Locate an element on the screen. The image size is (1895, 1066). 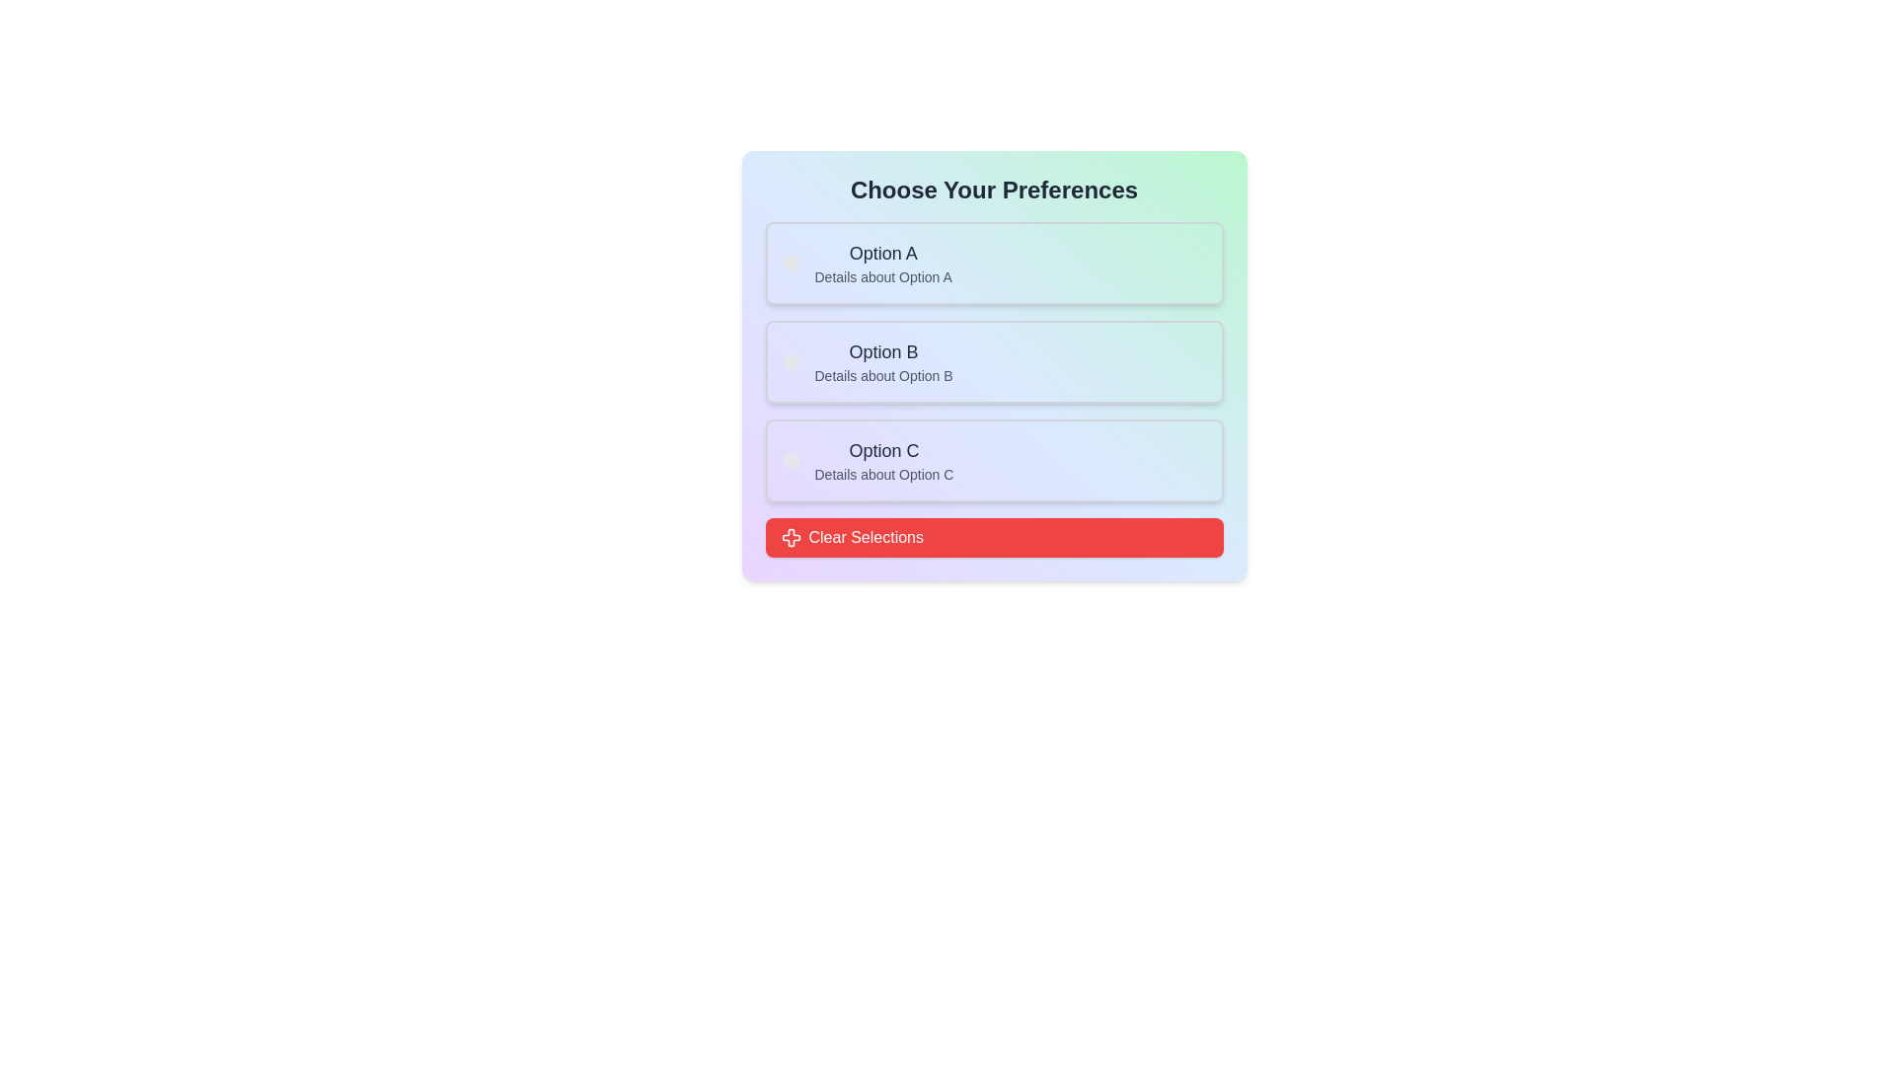
the 'Clear Selections' icon, which is part of the red rectangular button at the bottom of the 'Choose Your Preferences' card interface is located at coordinates (791, 537).